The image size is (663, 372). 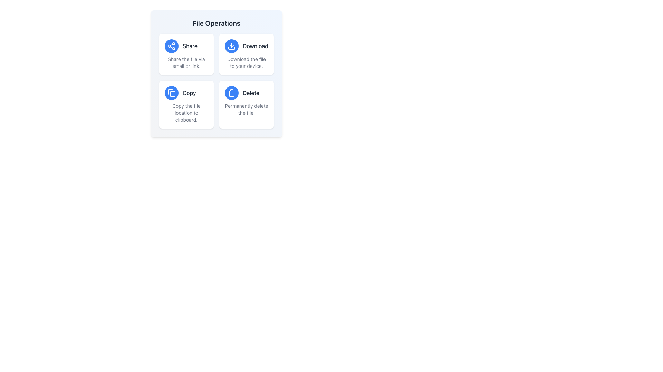 What do you see at coordinates (186, 46) in the screenshot?
I see `the 'Share' button located in the top-left cell of the 2x2 grid under the header 'File Operations' to initiate the share functionality` at bounding box center [186, 46].